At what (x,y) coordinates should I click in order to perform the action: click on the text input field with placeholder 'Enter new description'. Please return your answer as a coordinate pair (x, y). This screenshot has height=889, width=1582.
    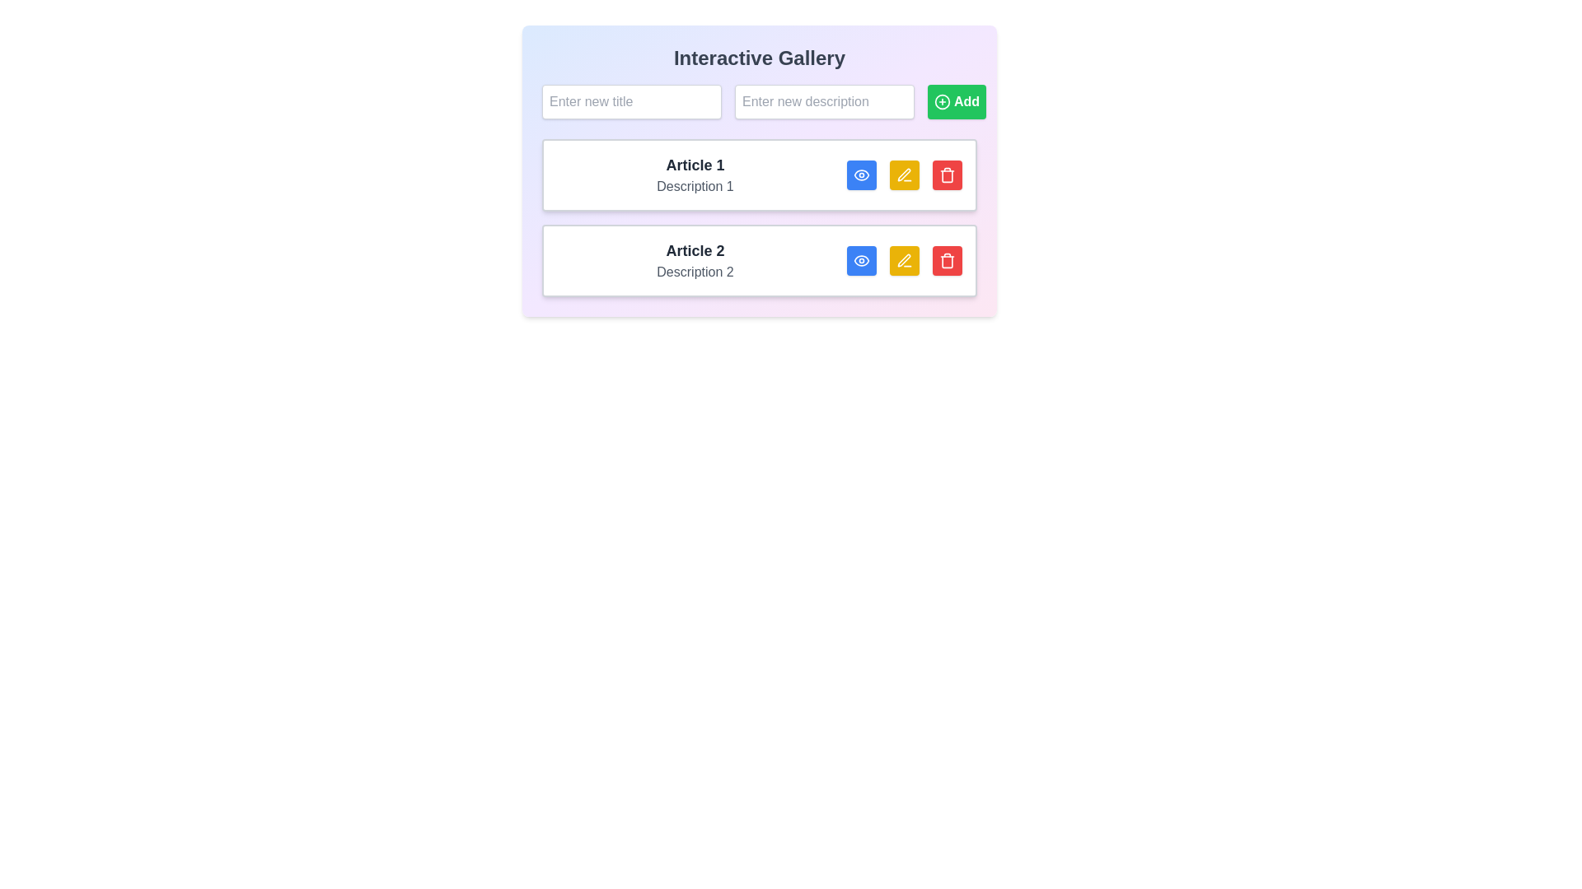
    Looking at the image, I should click on (825, 101).